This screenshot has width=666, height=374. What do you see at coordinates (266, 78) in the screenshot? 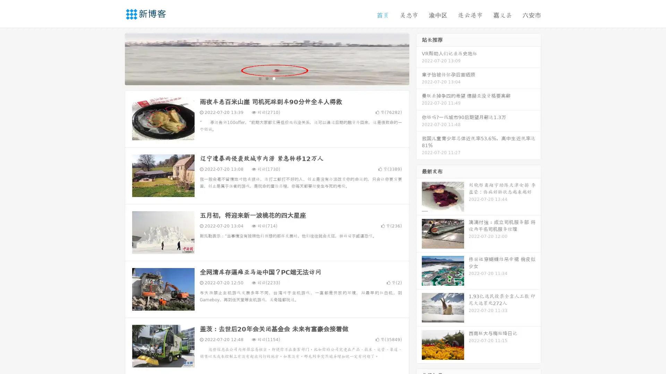
I see `Go to slide 2` at bounding box center [266, 78].